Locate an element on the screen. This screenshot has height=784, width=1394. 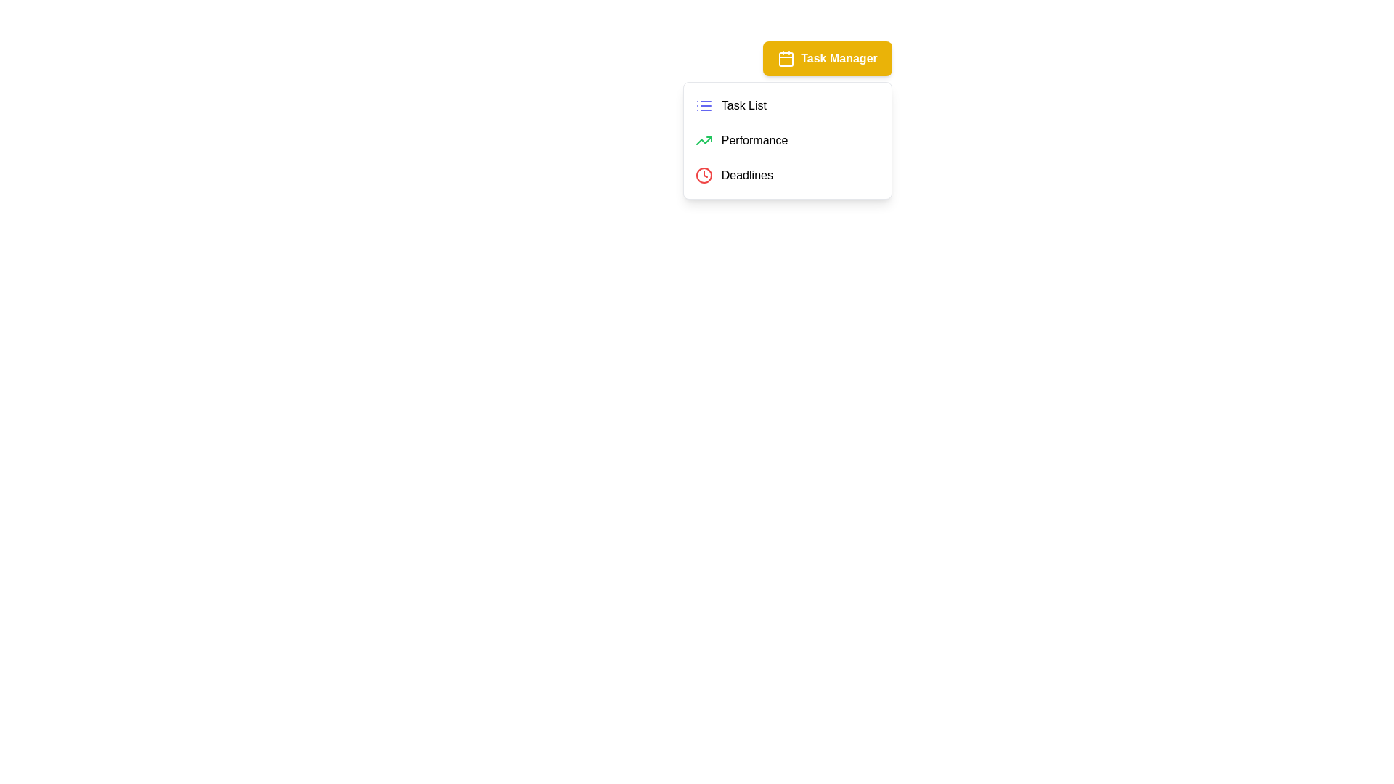
the menu item Performance to observe the visual feedback is located at coordinates (786, 140).